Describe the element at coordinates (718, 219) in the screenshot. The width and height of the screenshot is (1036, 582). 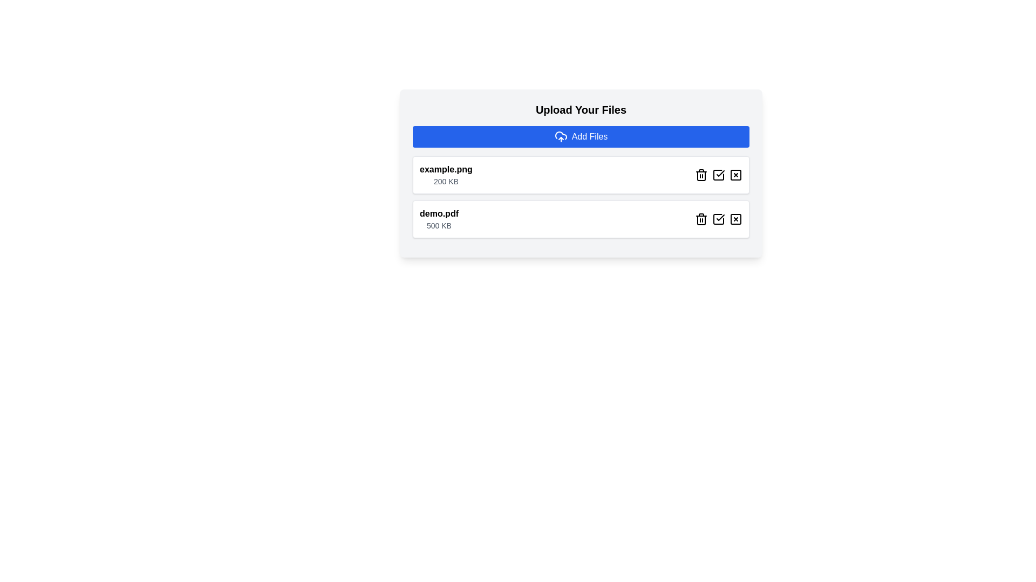
I see `the checkbox with a checkmark located to the right of the filename 'example.png'` at that location.